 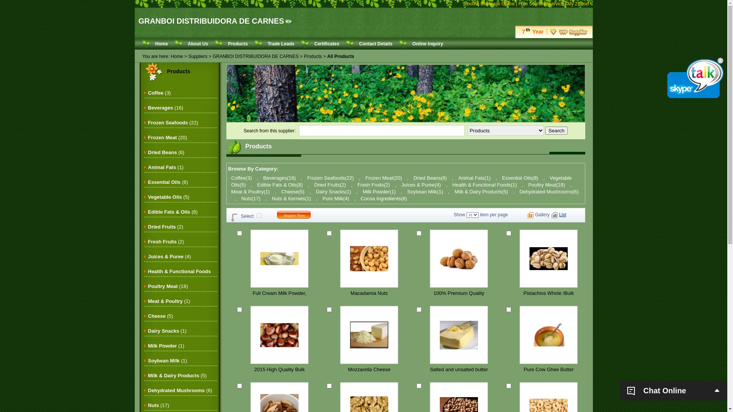 What do you see at coordinates (168, 286) in the screenshot?
I see `'Poultry Meat (18)'` at bounding box center [168, 286].